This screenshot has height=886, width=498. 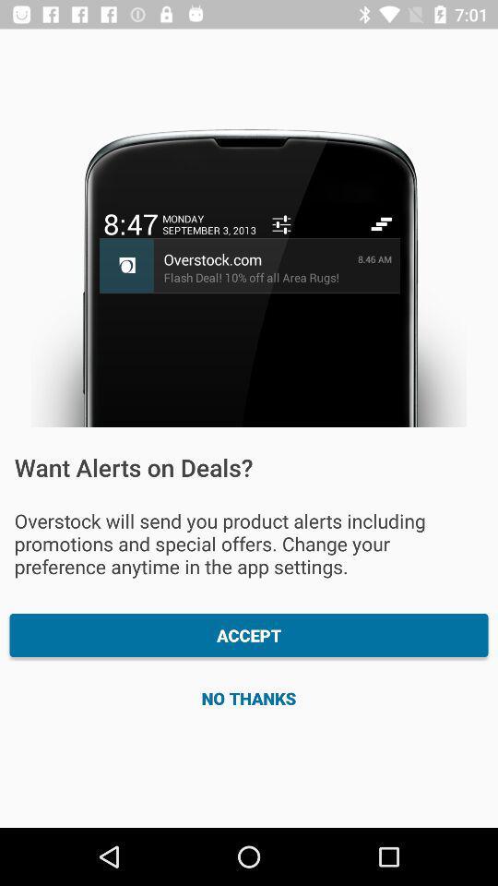 What do you see at coordinates (249, 697) in the screenshot?
I see `no thanks item` at bounding box center [249, 697].